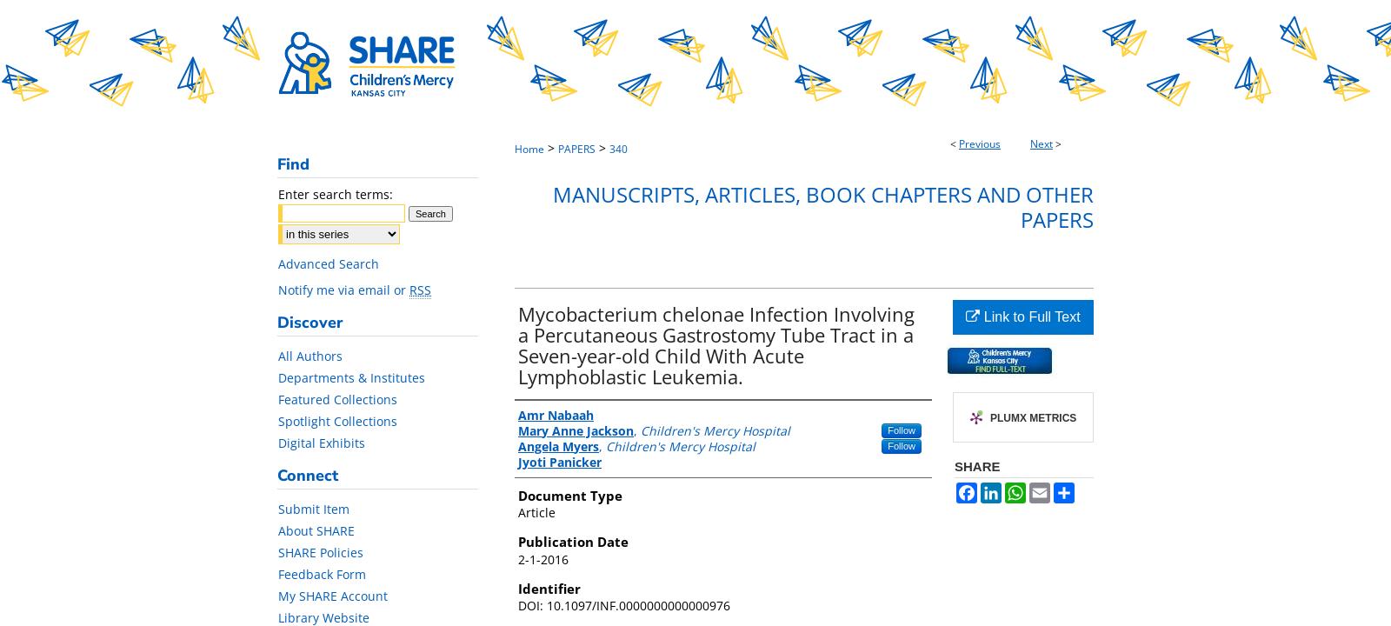  Describe the element at coordinates (517, 587) in the screenshot. I see `'Identifier'` at that location.